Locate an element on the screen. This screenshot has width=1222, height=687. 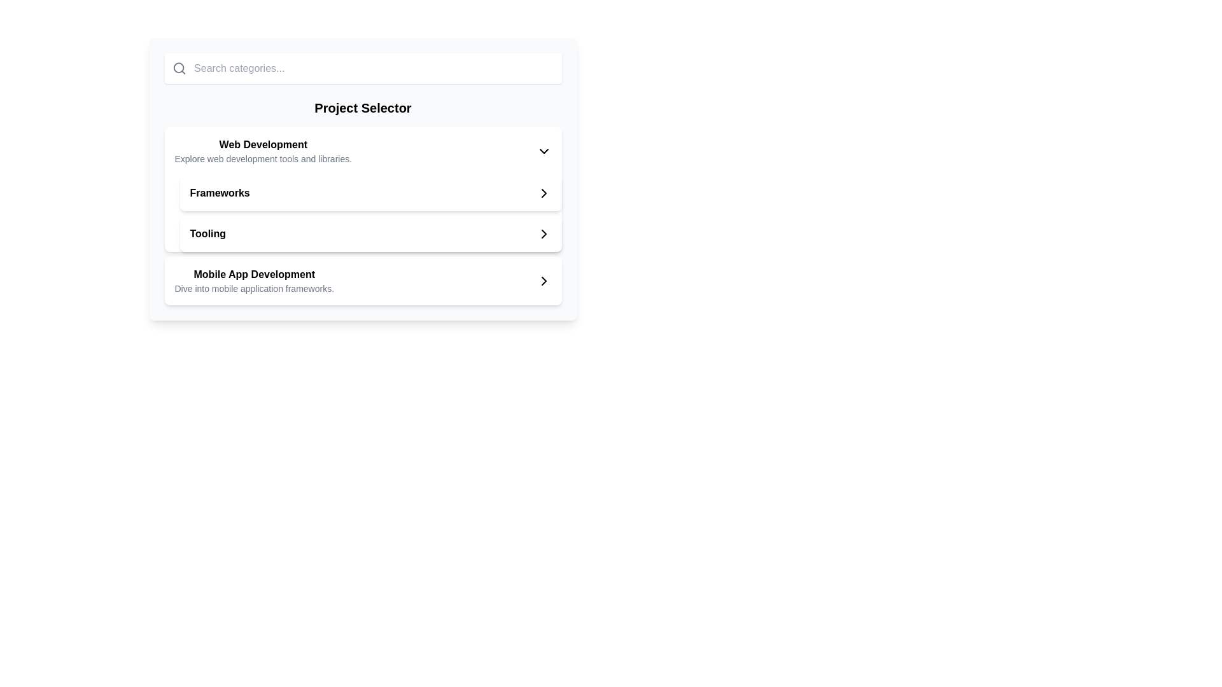
the second button-like navigation item in the 'Project Selector' section is located at coordinates (370, 193).